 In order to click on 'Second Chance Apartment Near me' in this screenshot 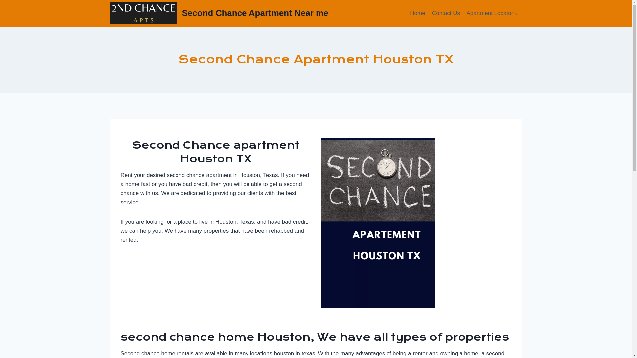, I will do `click(219, 13)`.